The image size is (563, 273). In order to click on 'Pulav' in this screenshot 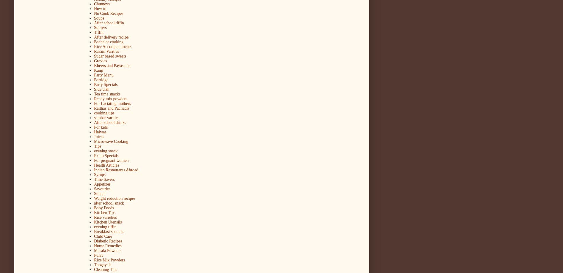, I will do `click(93, 255)`.